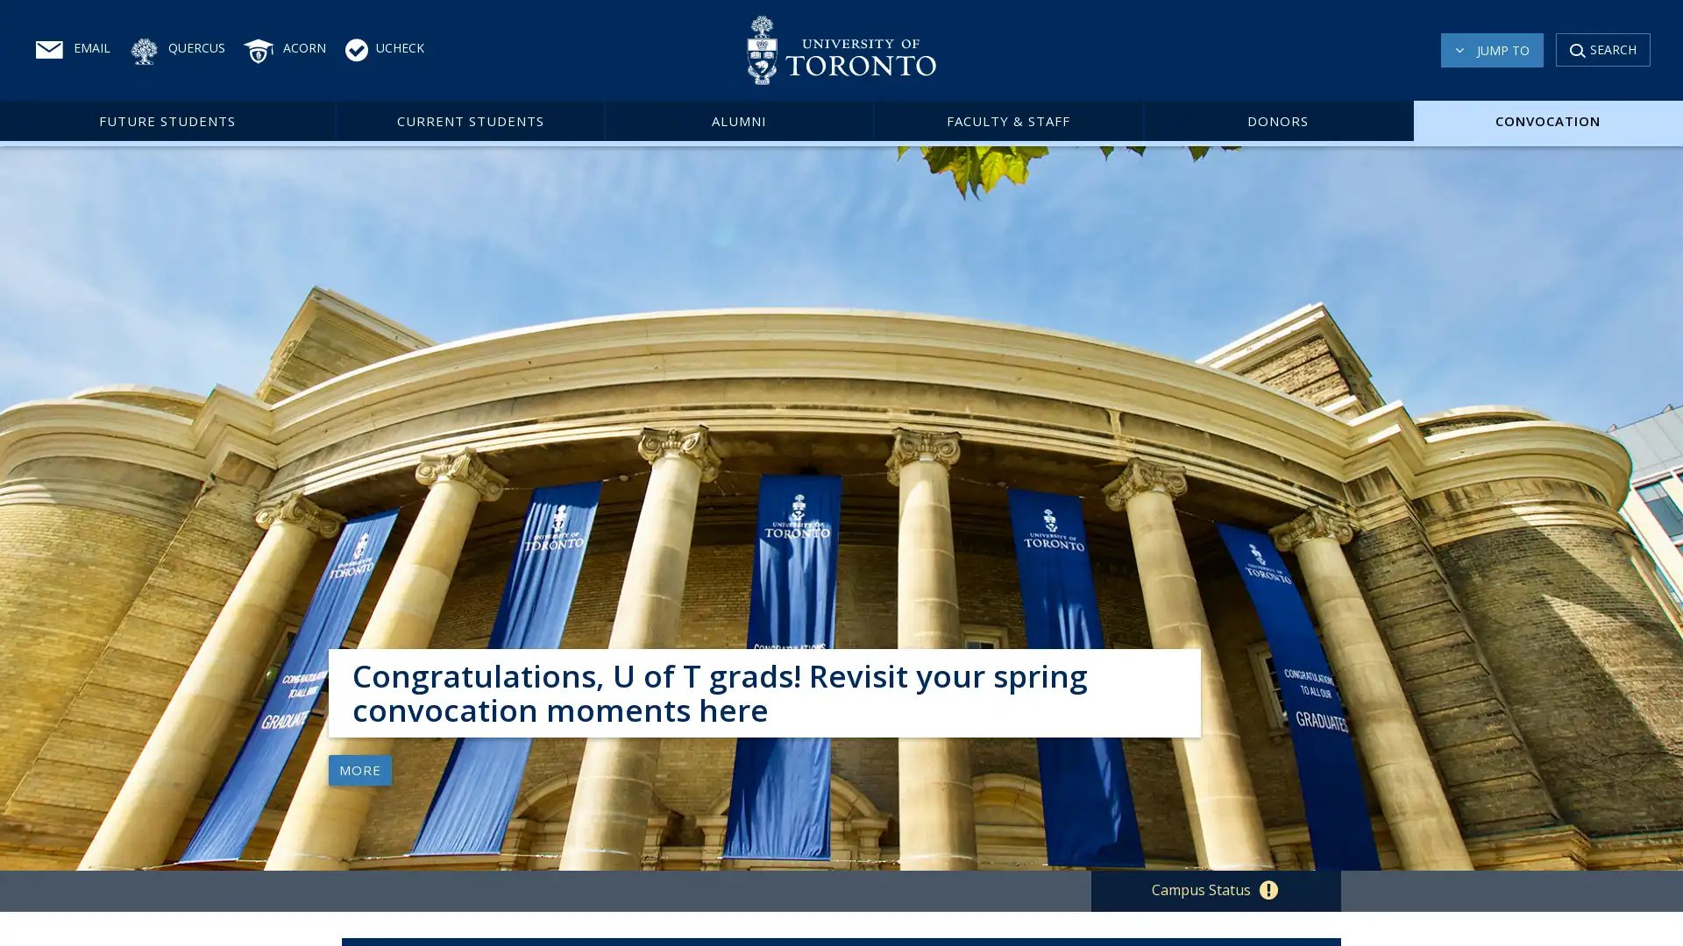  I want to click on JUMP TO, so click(1491, 48).